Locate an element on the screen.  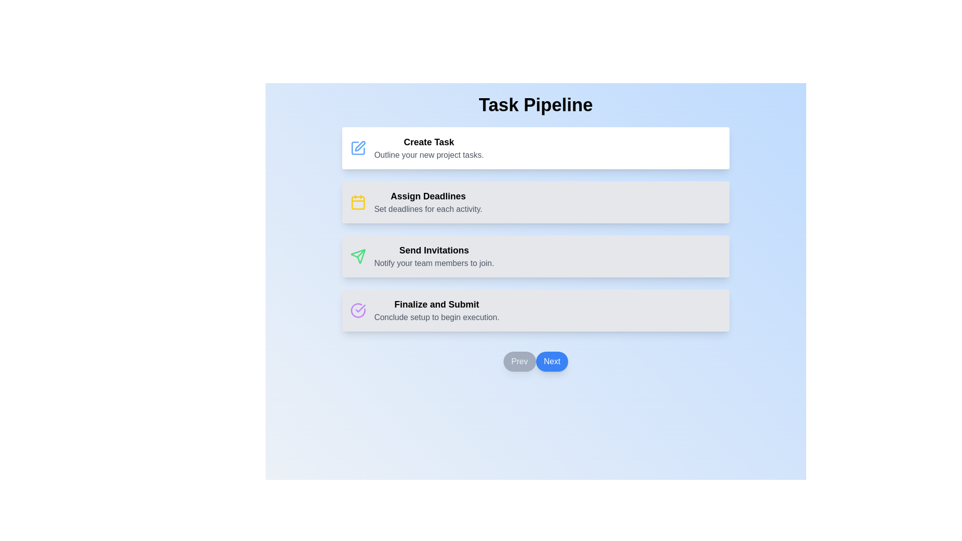
header element located at the top of the page, which serves as the title providing main context for the content sections below is located at coordinates (535, 105).